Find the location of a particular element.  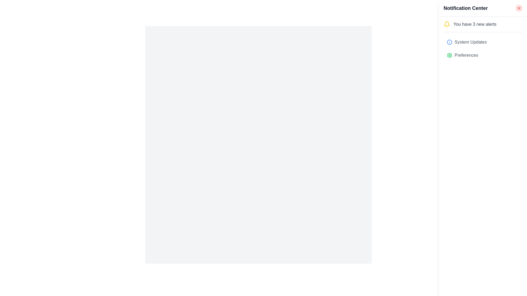

the close button located at the far right of the header section of the 'Notification Center' panel is located at coordinates (519, 8).